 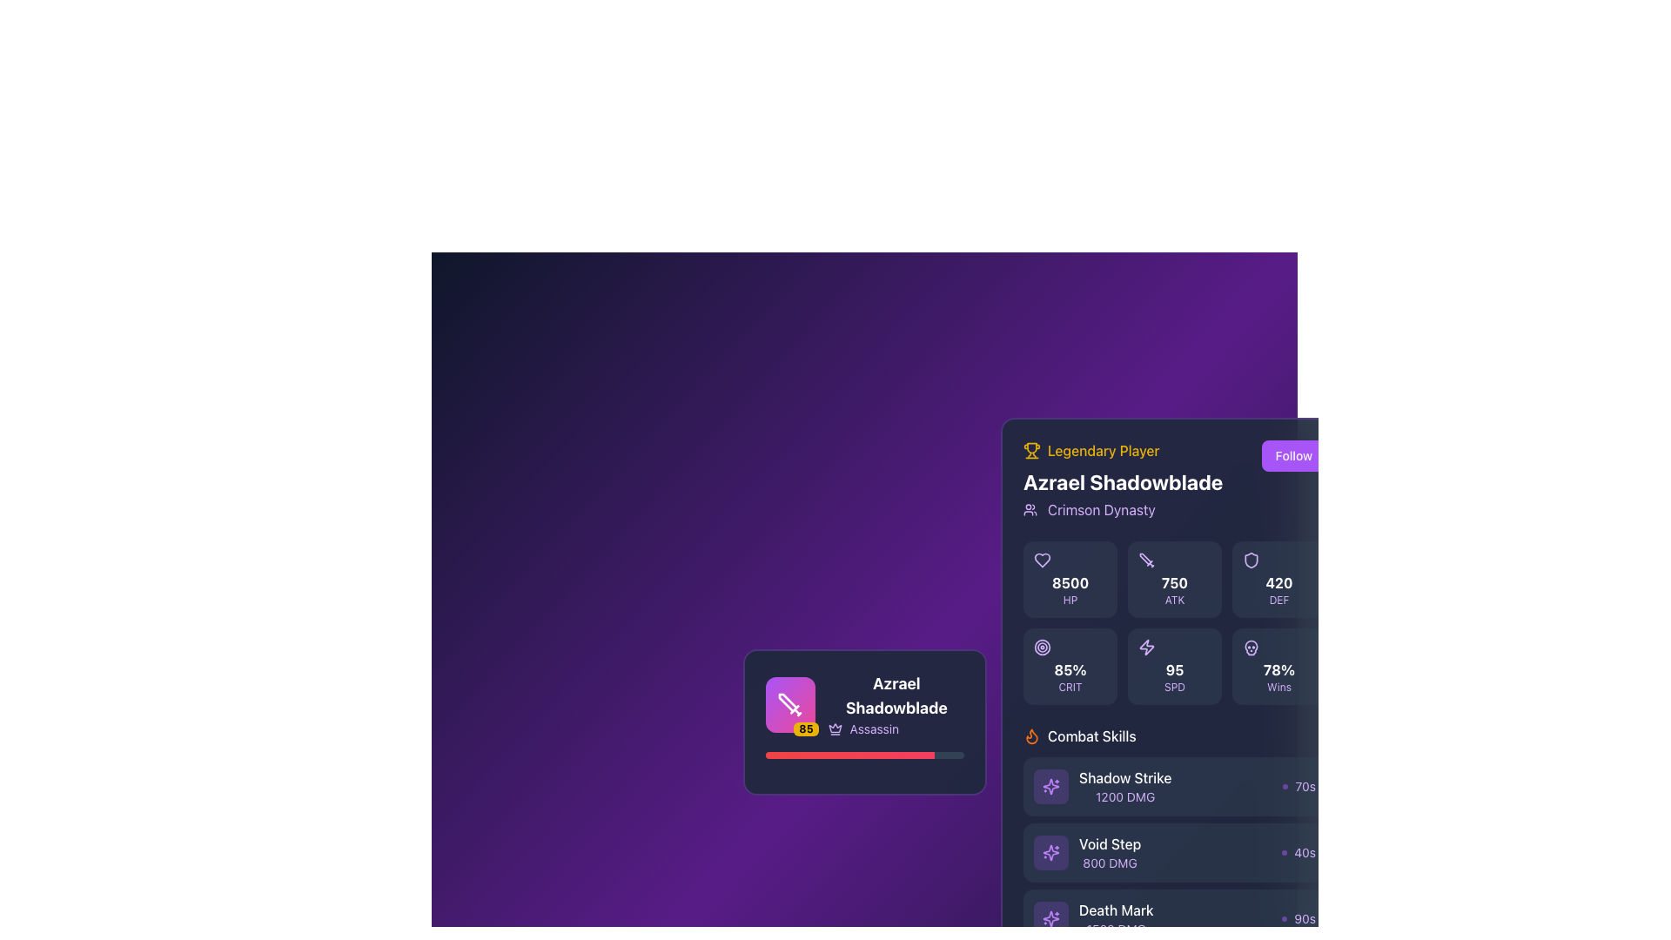 What do you see at coordinates (1050, 851) in the screenshot?
I see `the star-shaped icon with purple color and rounded edges, which is located within a light purple rectangular area, representing sparkles` at bounding box center [1050, 851].